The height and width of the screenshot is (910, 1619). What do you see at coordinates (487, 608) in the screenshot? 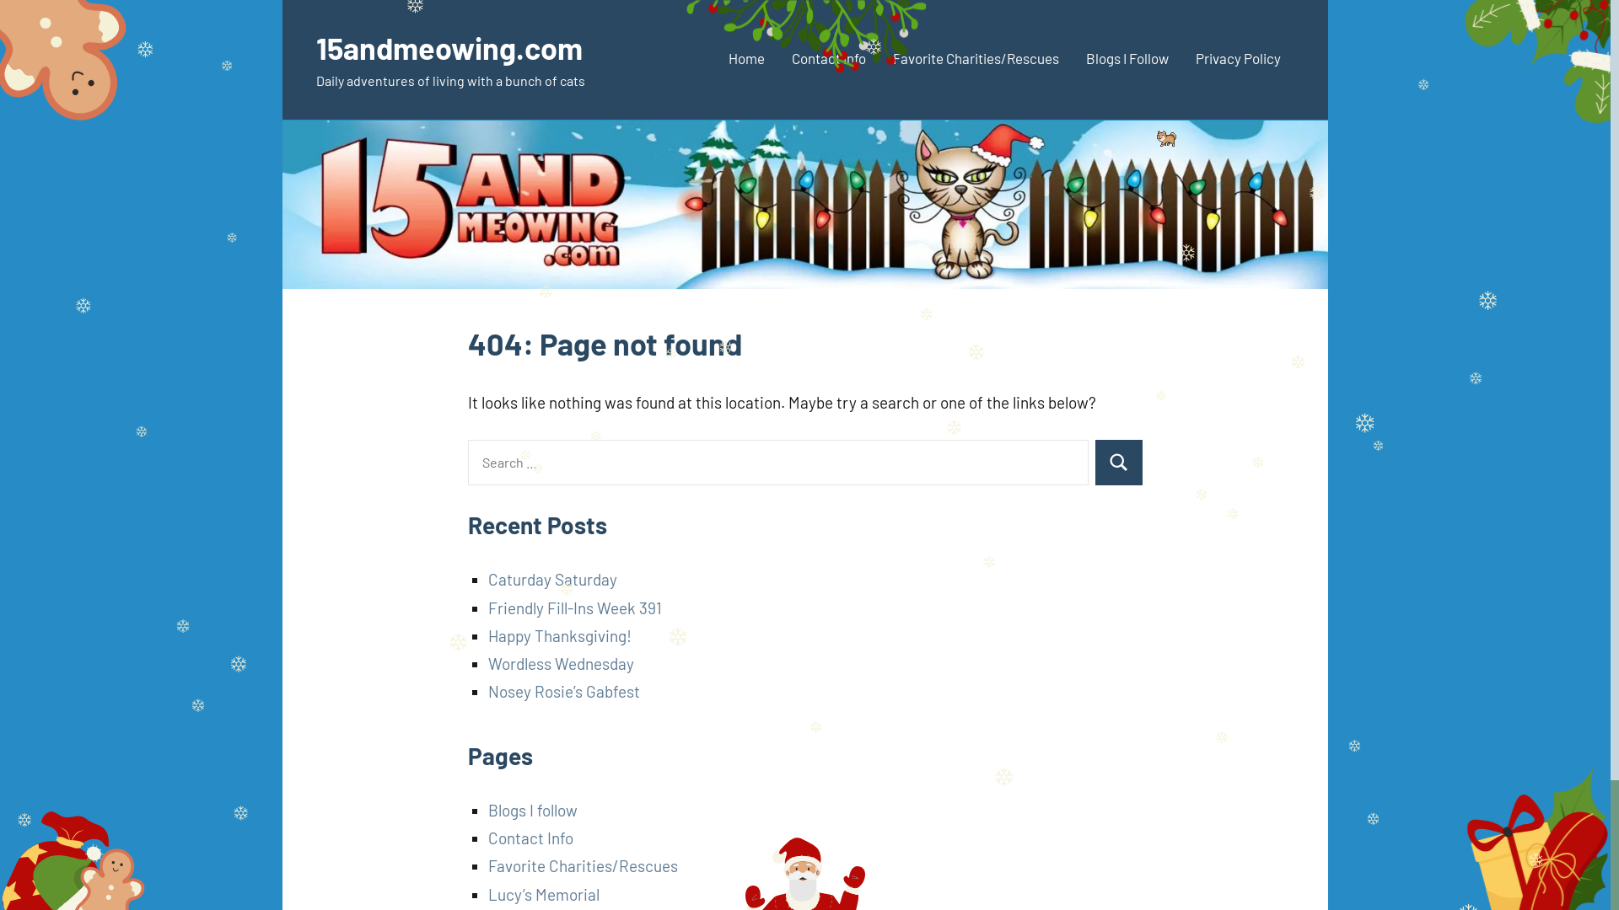
I see `'Friendly Fill-Ins Week 391'` at bounding box center [487, 608].